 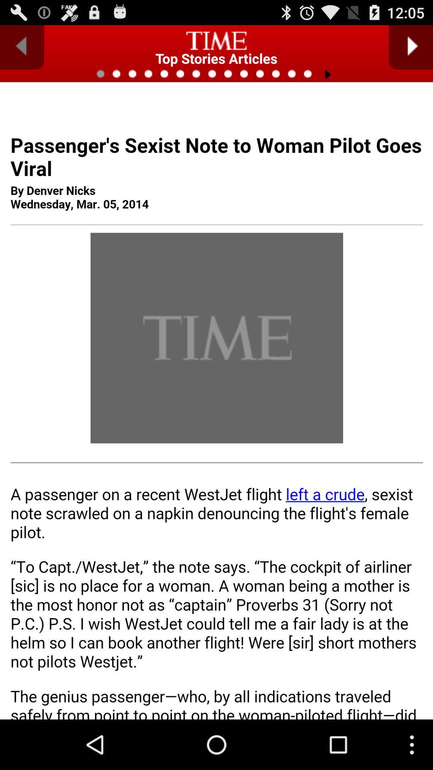 What do you see at coordinates (216, 427) in the screenshot?
I see `click on the it` at bounding box center [216, 427].